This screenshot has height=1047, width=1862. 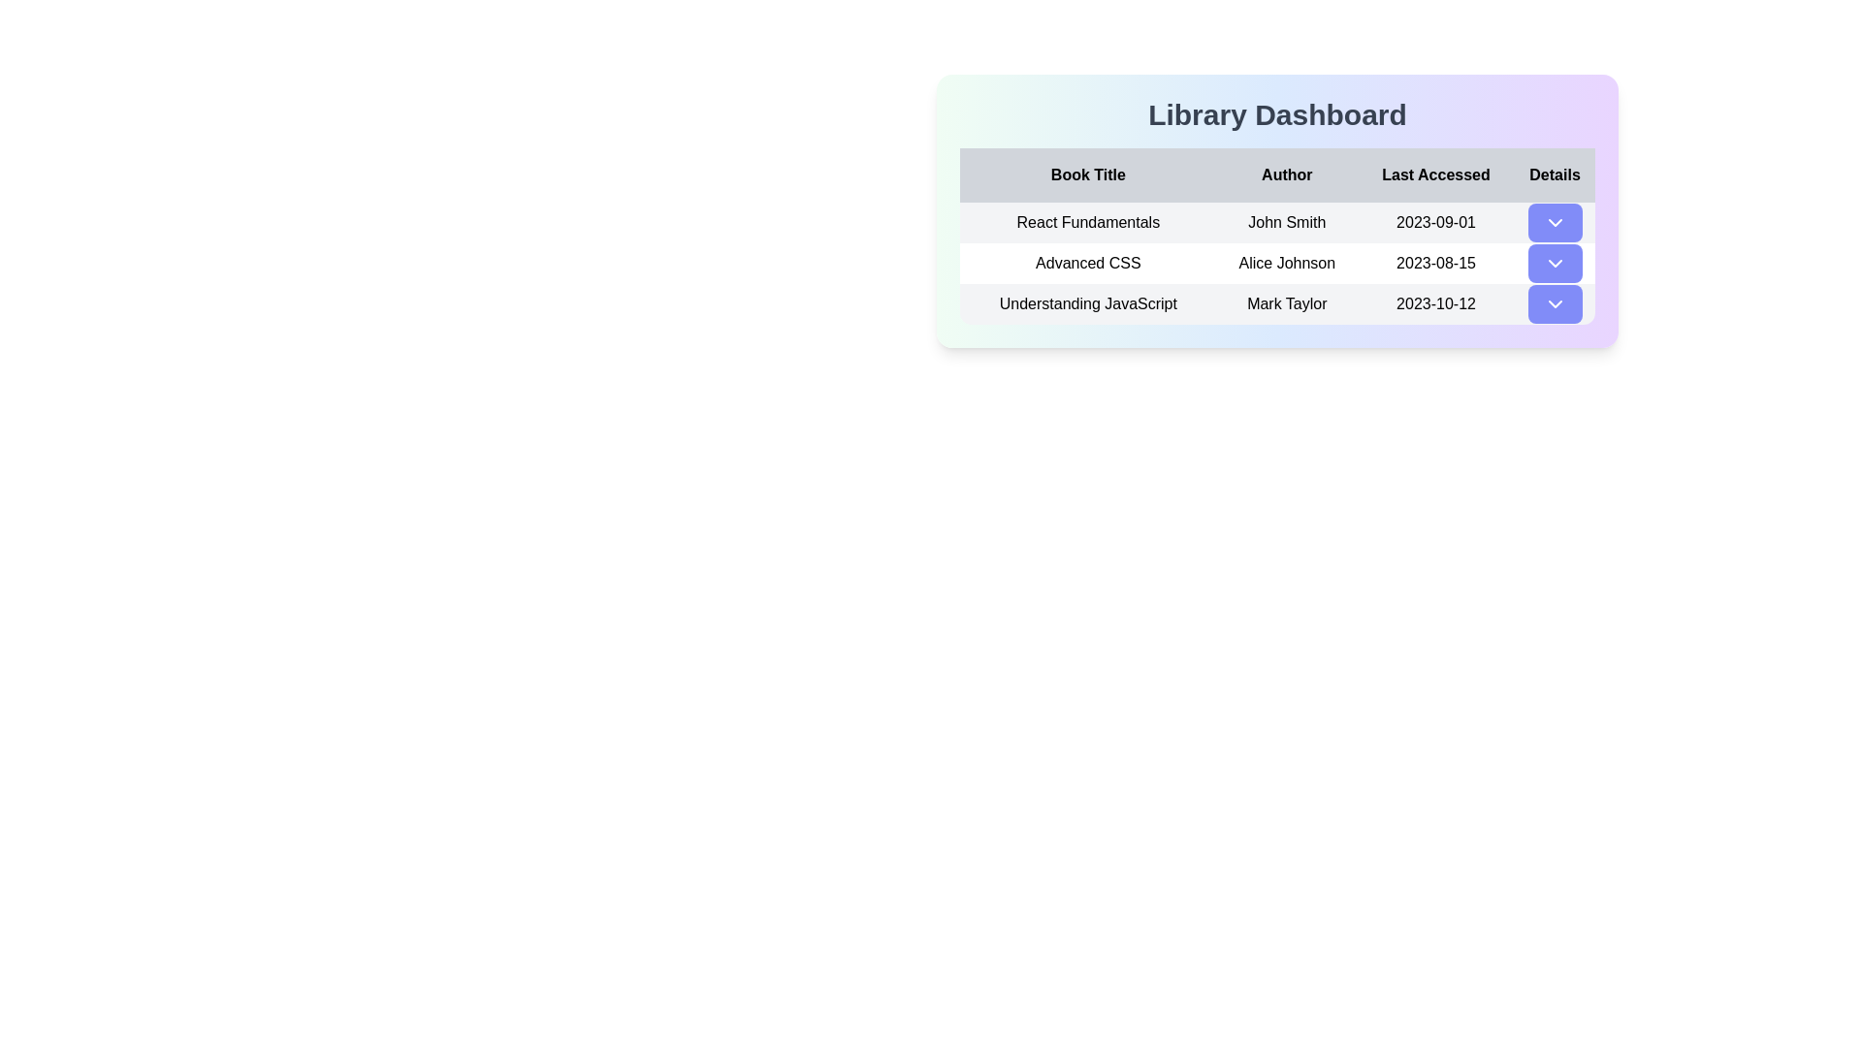 What do you see at coordinates (1436, 264) in the screenshot?
I see `the text display showing the date '2023-08-15' in the 'Last Accessed' column of the table for the book 'Advanced CSS' by Alice Johnson` at bounding box center [1436, 264].